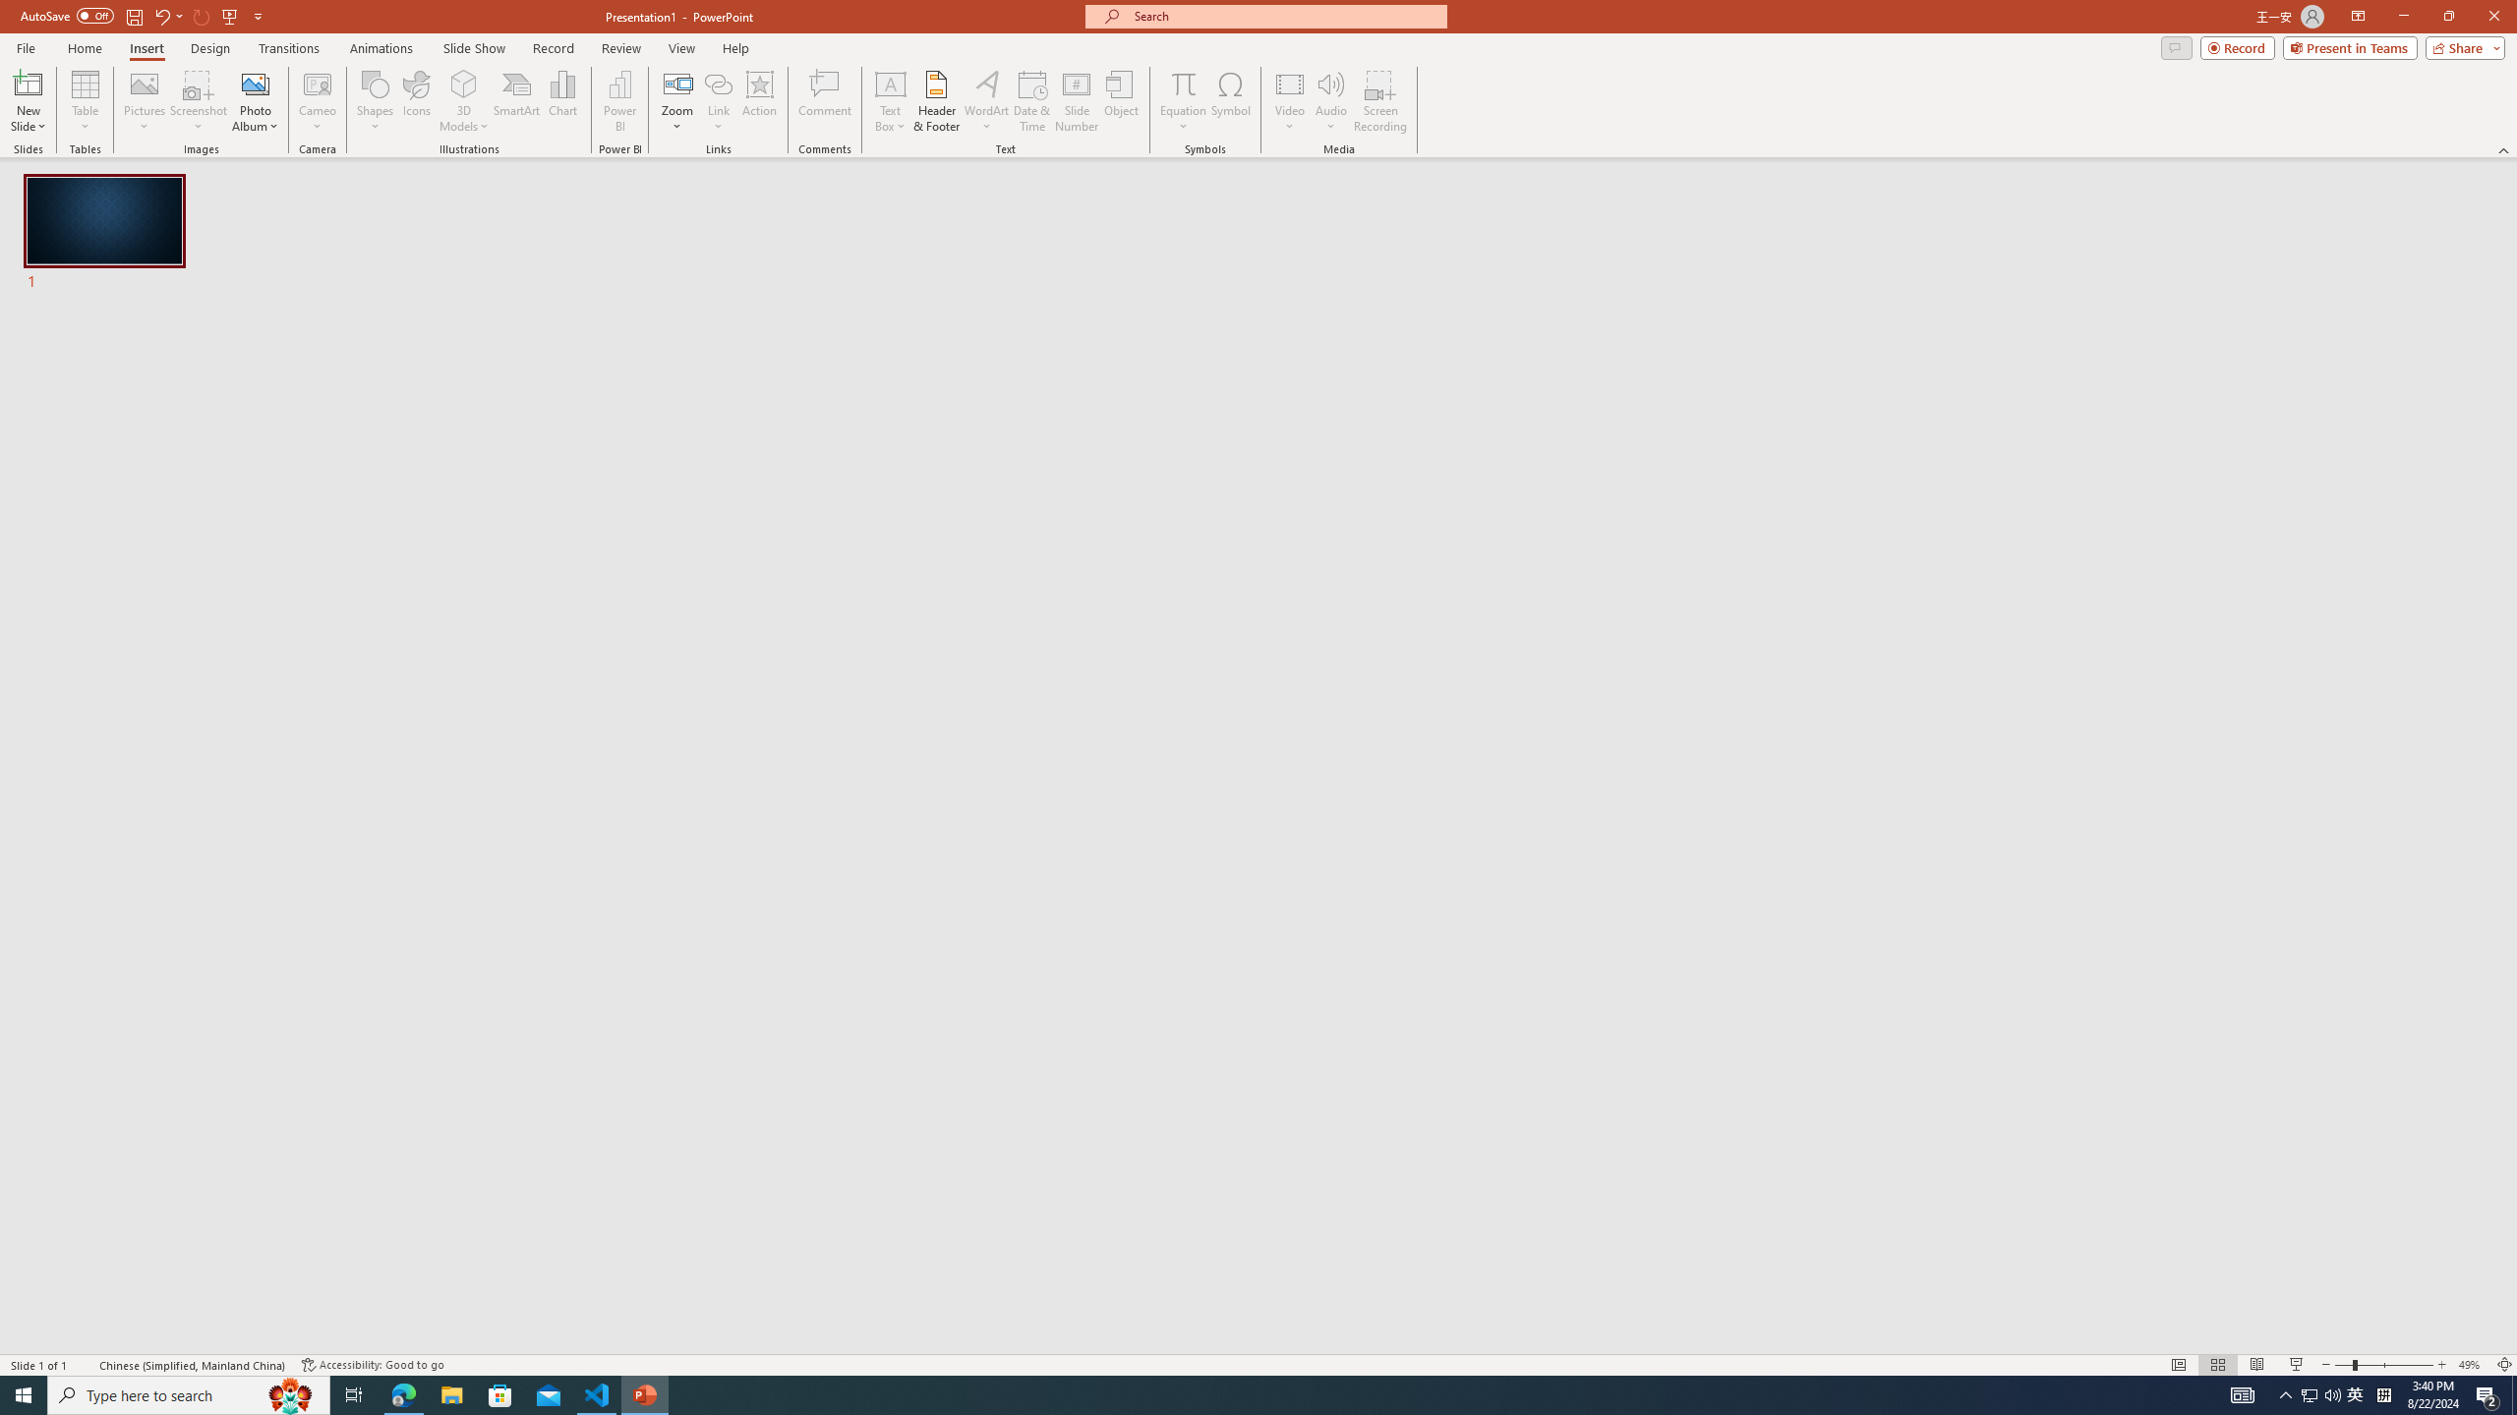 This screenshot has width=2517, height=1415. What do you see at coordinates (717, 83) in the screenshot?
I see `'Link'` at bounding box center [717, 83].